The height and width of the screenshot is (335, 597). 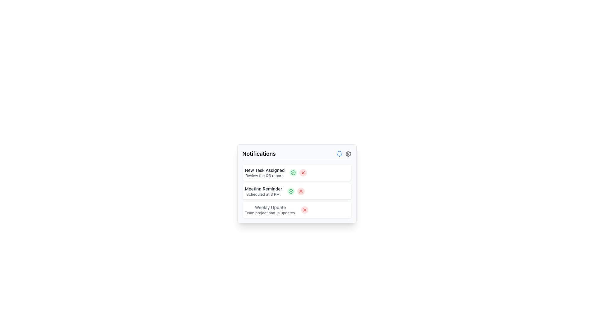 What do you see at coordinates (301, 191) in the screenshot?
I see `the circular delete button with a light red background and 'X' icon, located in the 'Meeting Reminder' notifications list` at bounding box center [301, 191].